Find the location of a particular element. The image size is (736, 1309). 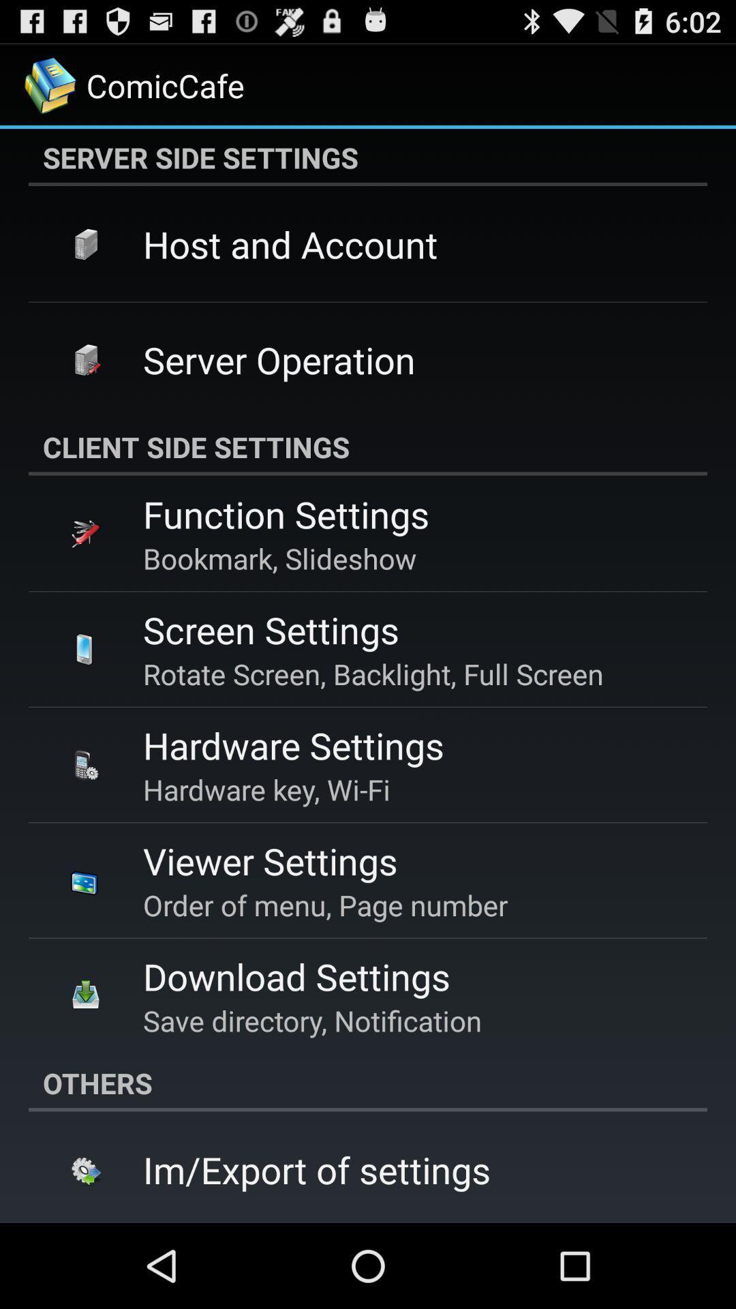

hardware key wi app is located at coordinates (266, 789).